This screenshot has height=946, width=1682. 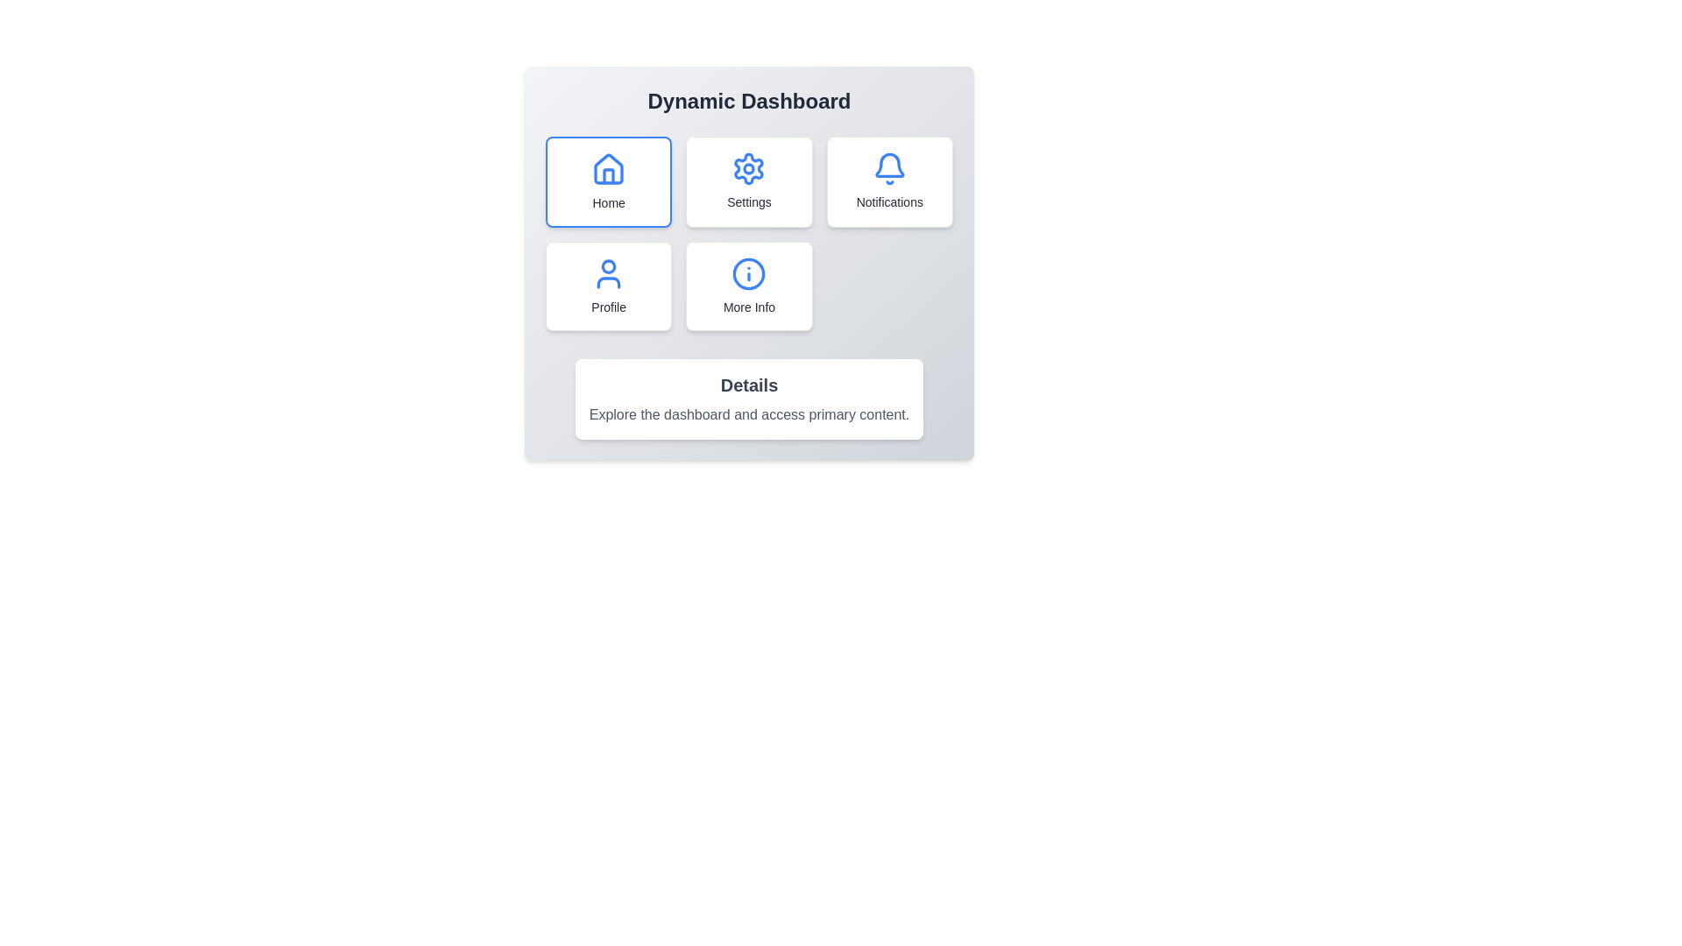 What do you see at coordinates (609, 282) in the screenshot?
I see `the lower segment of the 'Profile' icon, which is part of a button intended to navigate to a user profile or related section` at bounding box center [609, 282].